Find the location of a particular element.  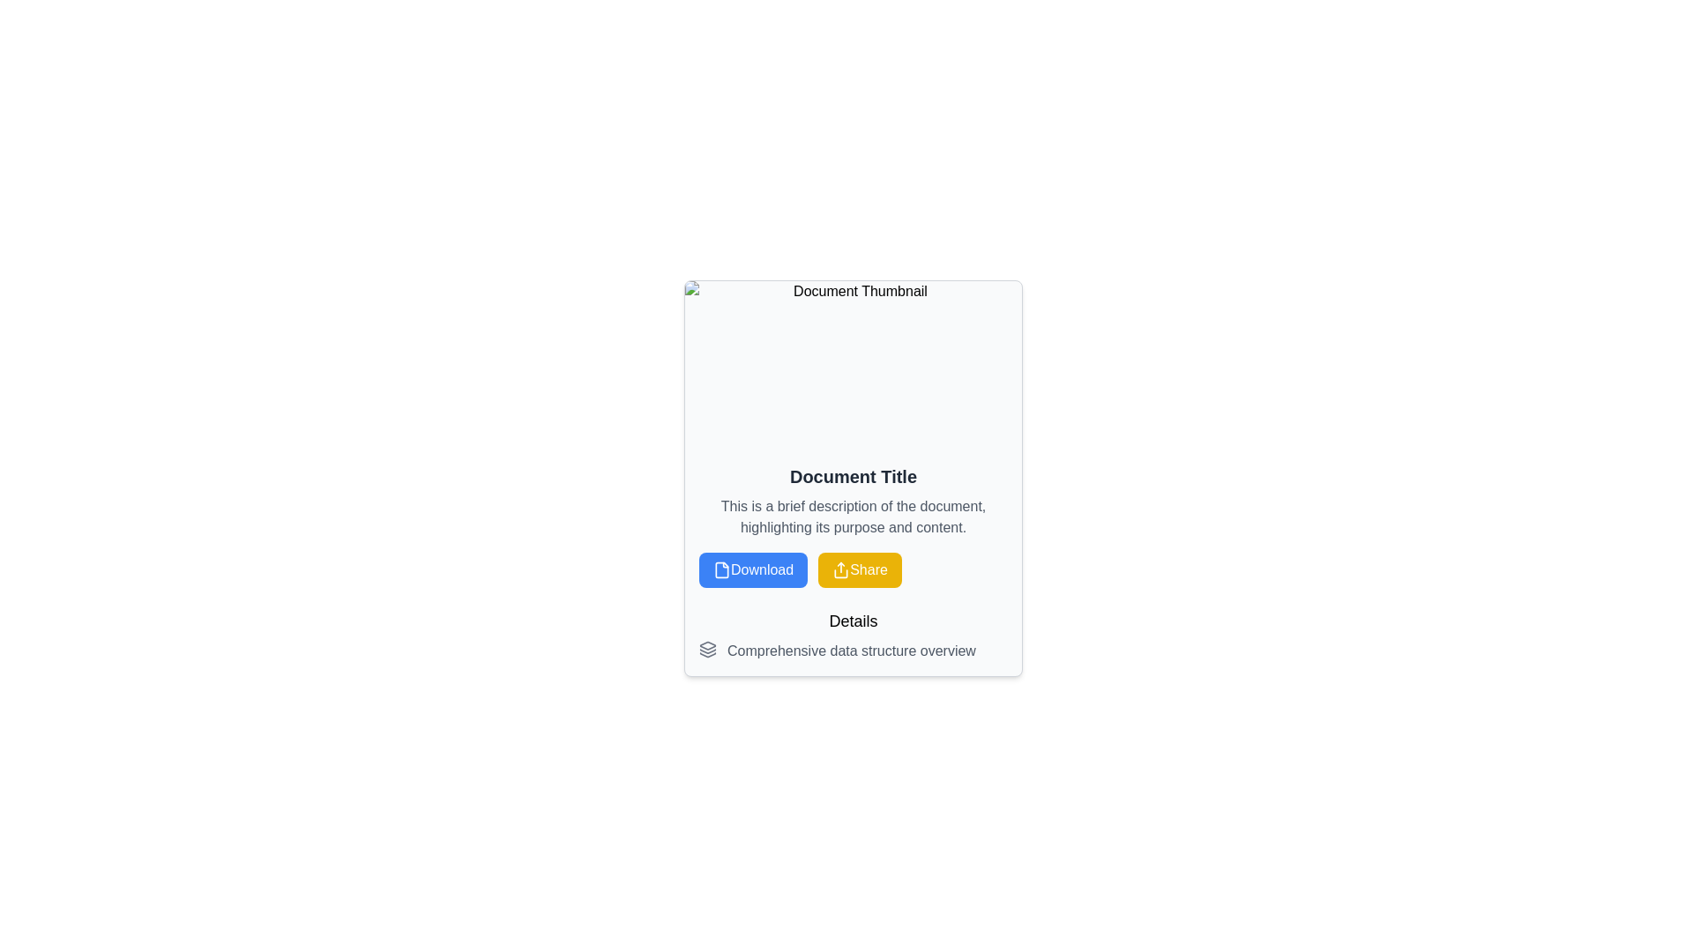

the share icon, which is a yellow button labeled 'Share' featuring a share symbol with an upward arrow is located at coordinates (840, 570).